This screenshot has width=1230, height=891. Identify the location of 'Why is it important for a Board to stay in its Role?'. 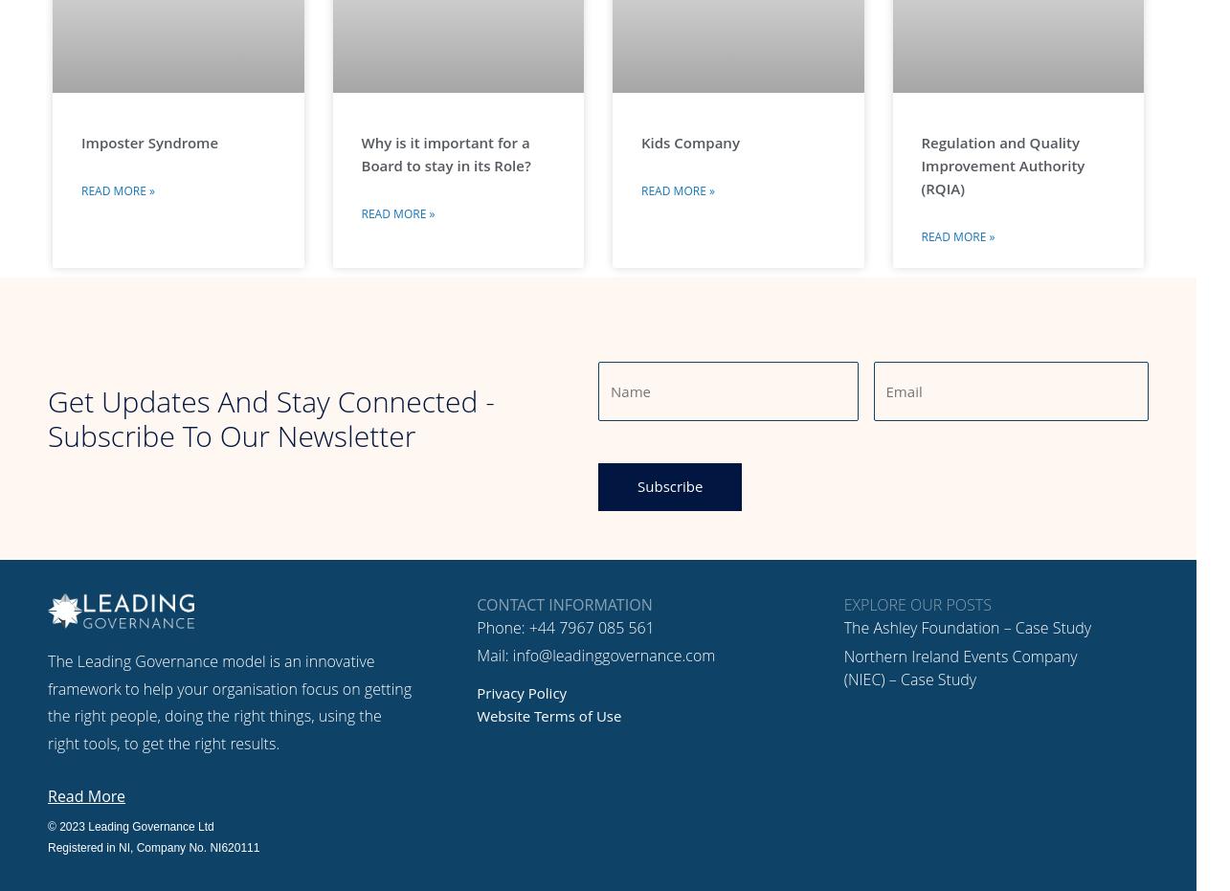
(445, 152).